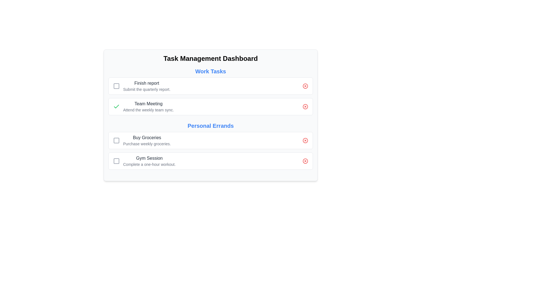 The width and height of the screenshot is (535, 300). I want to click on static text label for the task in the 'Personal Errands' category, which is located in the third row of the task management list, so click(147, 137).